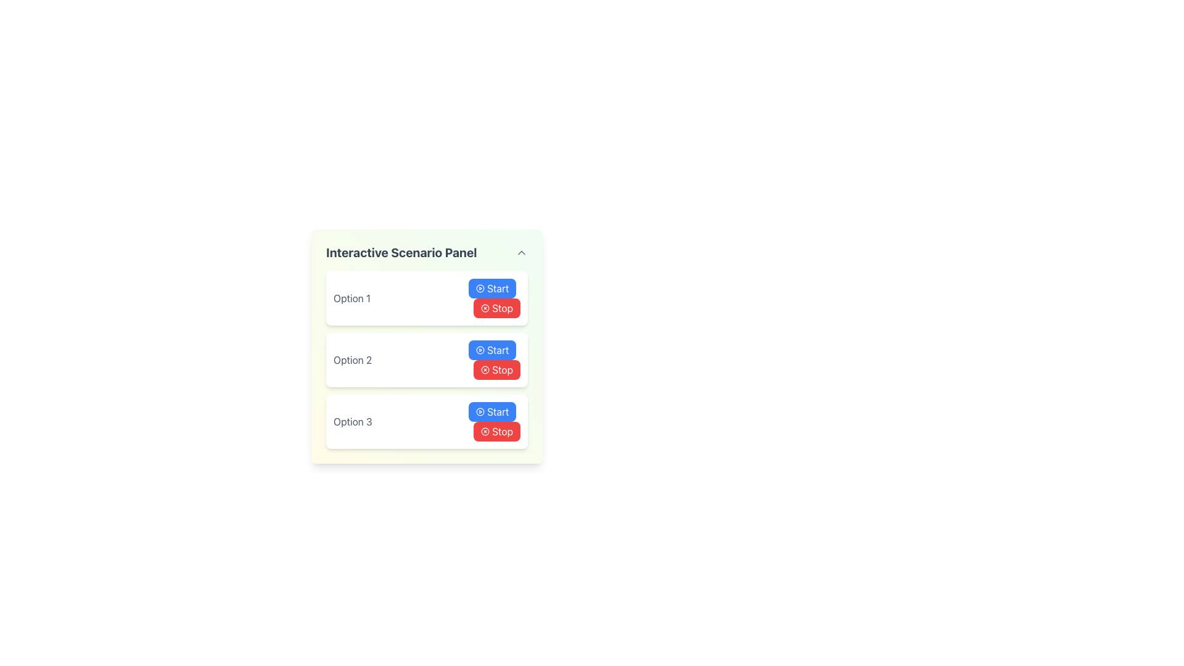  Describe the element at coordinates (494, 360) in the screenshot. I see `the 'Start' button, which is part of the 'Option 2' card in the 'Interactive Scenario Panel', to initiate the operation` at that location.